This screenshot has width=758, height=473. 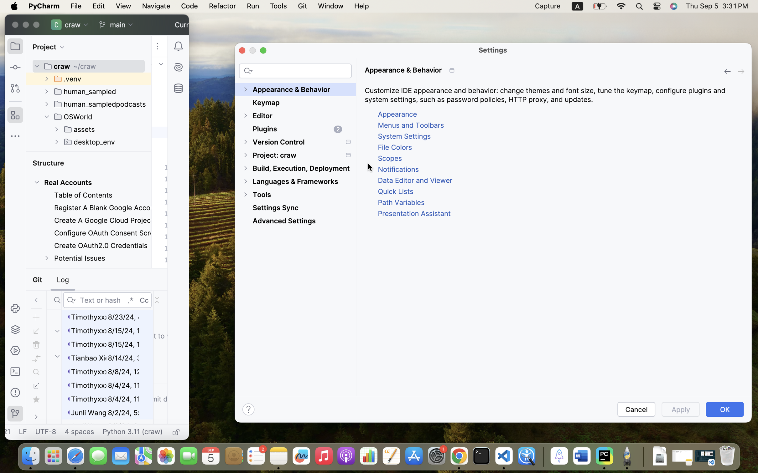 I want to click on 'Settings', so click(x=493, y=50).